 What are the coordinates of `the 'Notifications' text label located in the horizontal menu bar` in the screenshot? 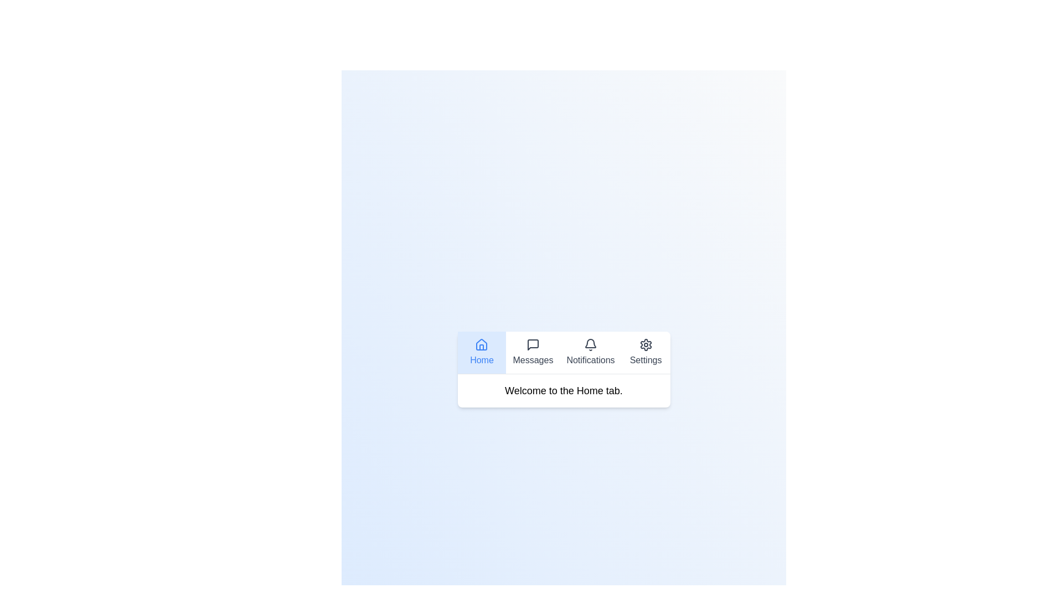 It's located at (590, 360).